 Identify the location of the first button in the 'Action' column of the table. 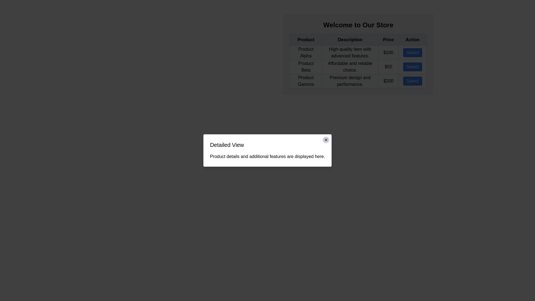
(412, 53).